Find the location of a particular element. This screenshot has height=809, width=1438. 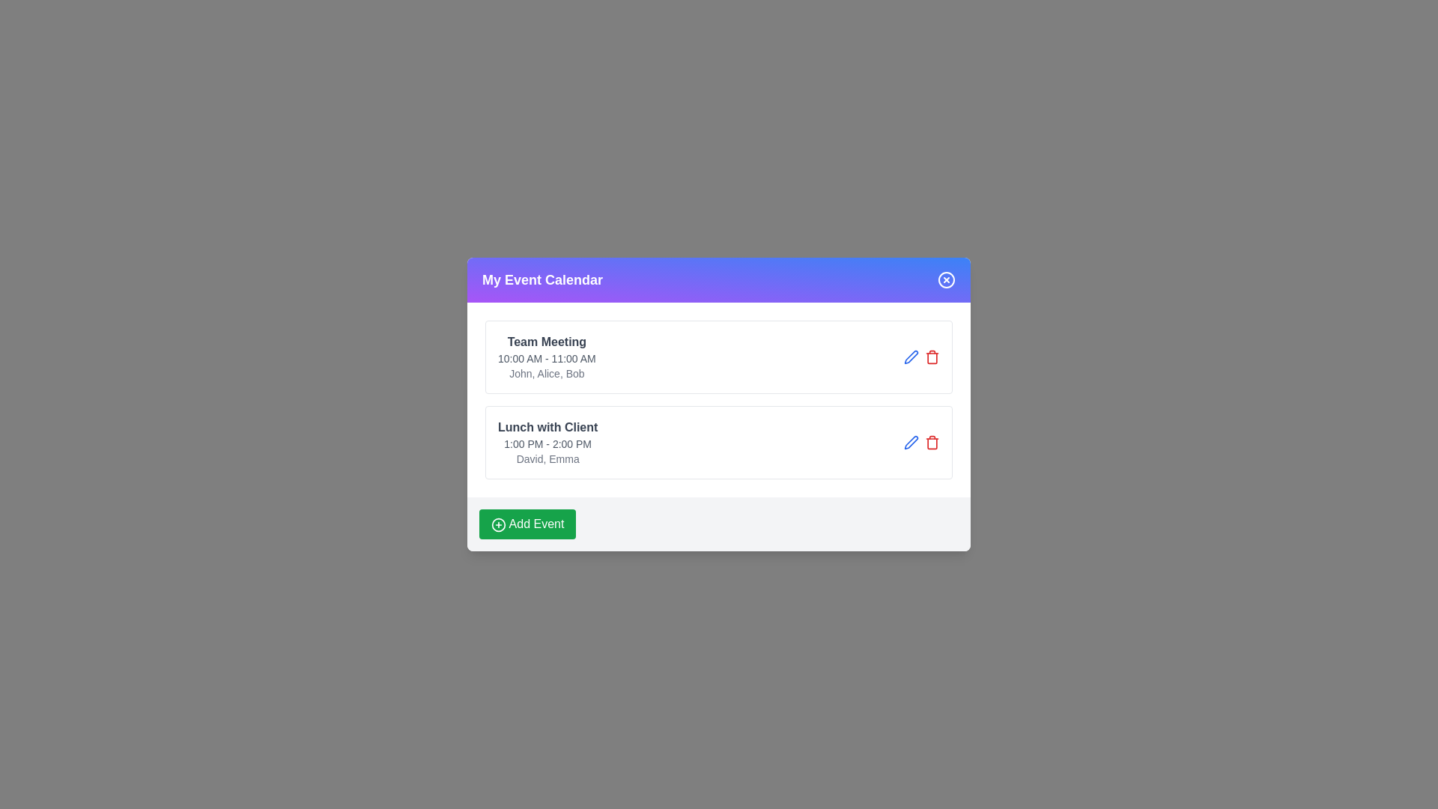

the slender, circular green icon with a '+' sign located to the left of the 'Add Event' button at the bottom-center of the modal window is located at coordinates (499, 523).